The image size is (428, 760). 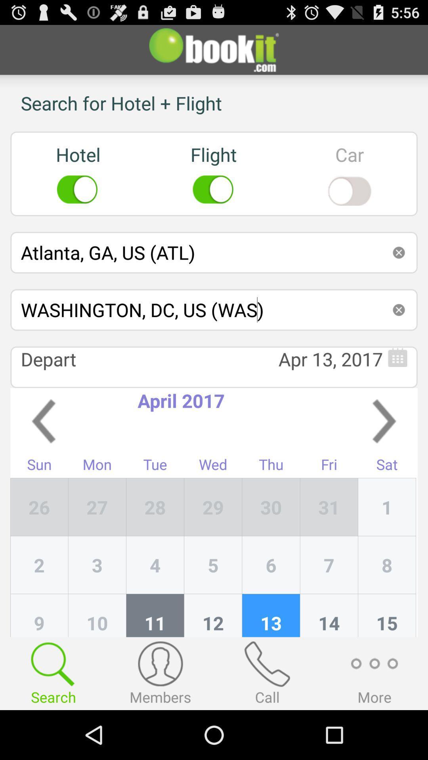 I want to click on sat icon, so click(x=386, y=466).